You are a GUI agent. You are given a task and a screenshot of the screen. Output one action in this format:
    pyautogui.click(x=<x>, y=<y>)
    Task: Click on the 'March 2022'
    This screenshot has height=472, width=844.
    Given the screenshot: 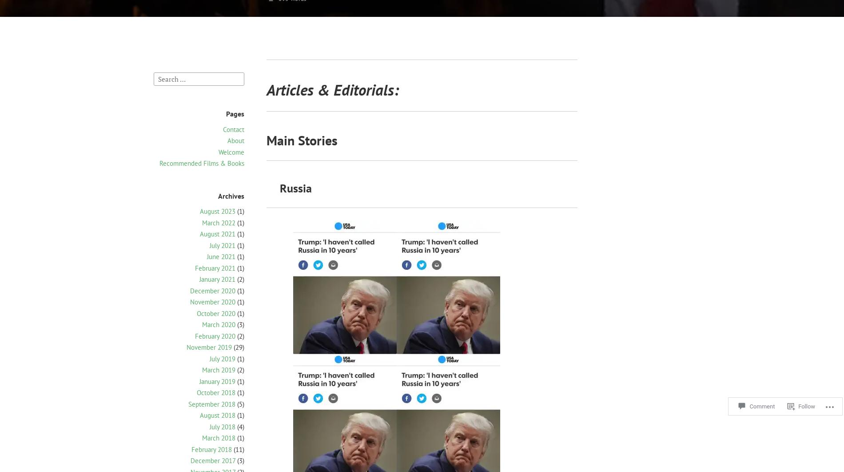 What is the action you would take?
    pyautogui.click(x=219, y=222)
    